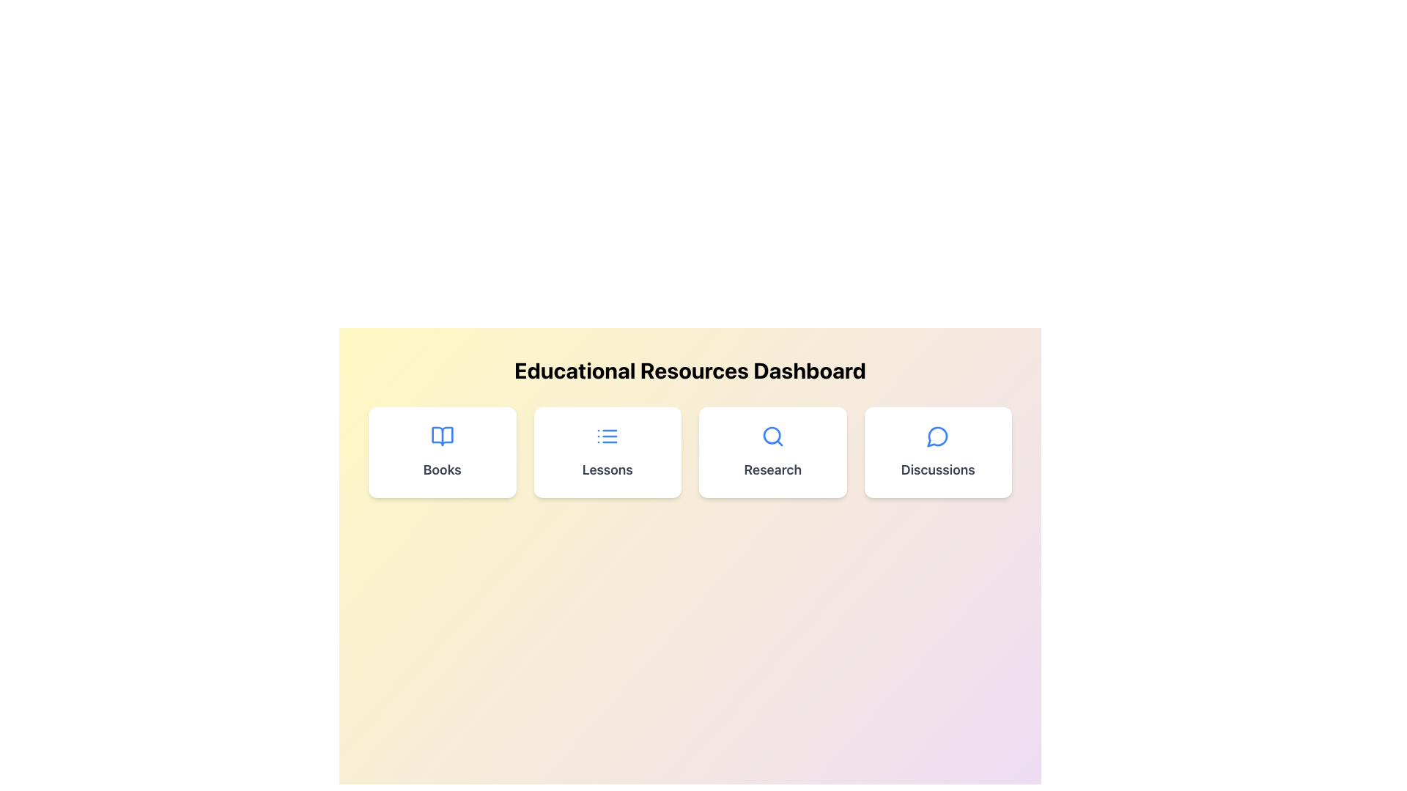 The width and height of the screenshot is (1407, 791). Describe the element at coordinates (772, 436) in the screenshot. I see `the search icon labeled 'Research' located in the third position from the left in a row of four buttons below the 'Educational Resources Dashboard' heading` at that location.